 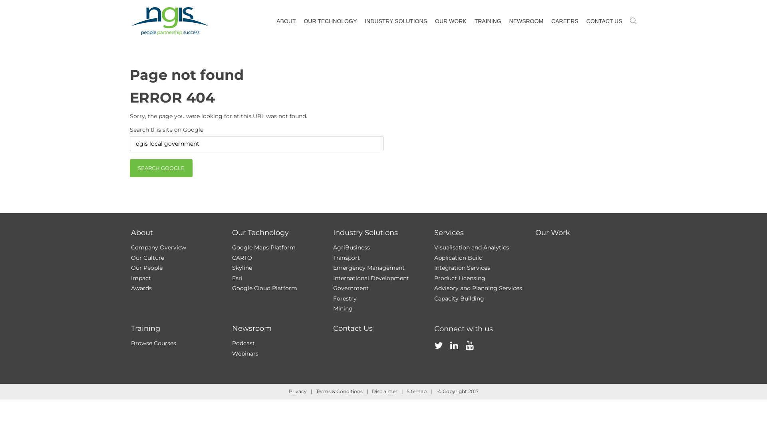 What do you see at coordinates (345, 298) in the screenshot?
I see `'Forestry'` at bounding box center [345, 298].